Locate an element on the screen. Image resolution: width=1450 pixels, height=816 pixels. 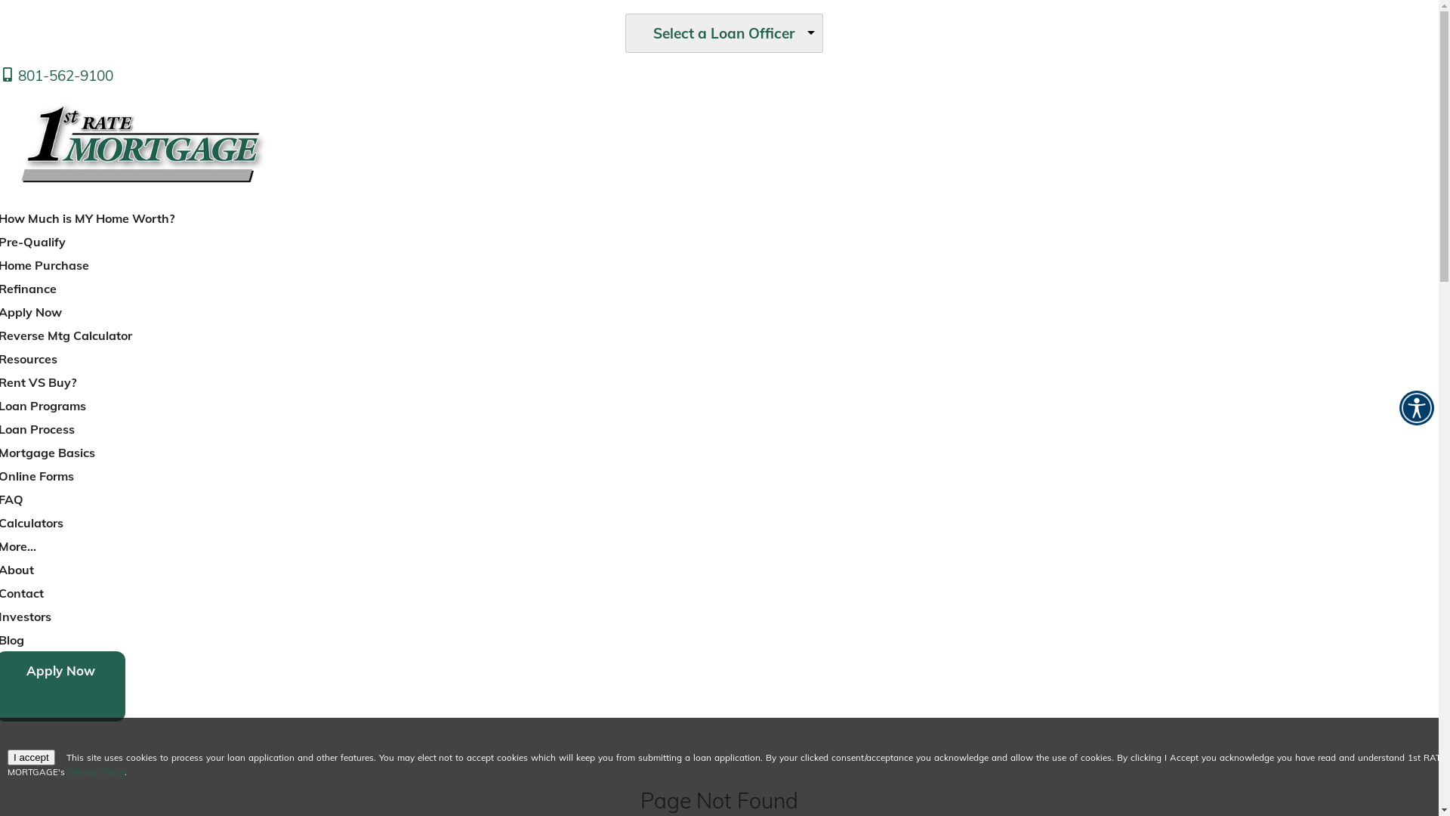
'Select a Loan Officer' is located at coordinates (723, 32).